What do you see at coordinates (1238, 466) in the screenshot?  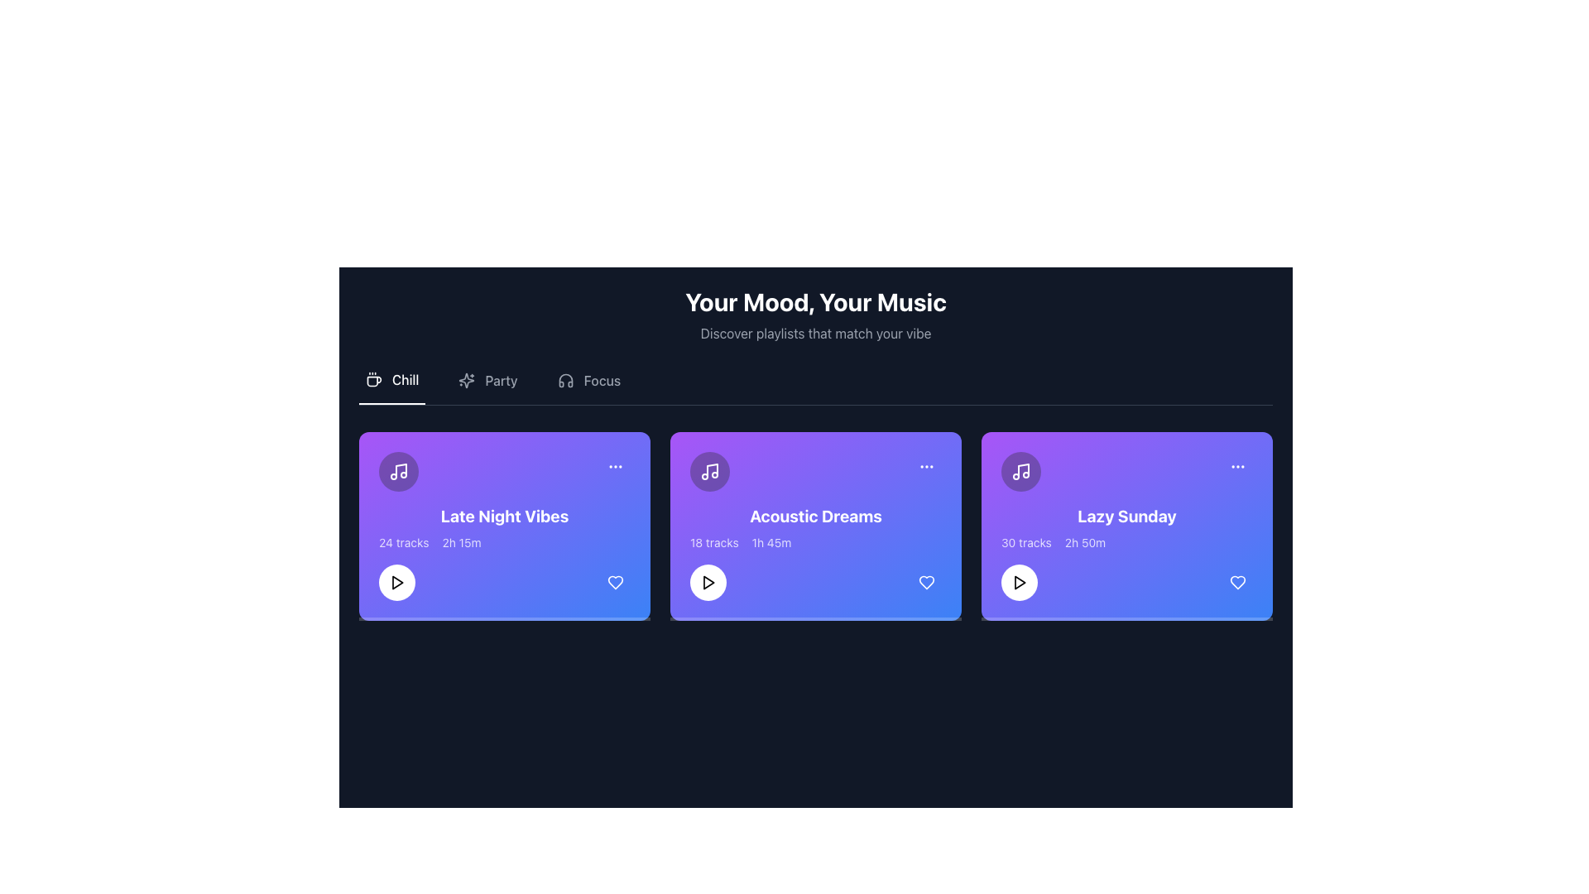 I see `the circular button with three horizontally arranged dots in the top-right corner of the 'Lazy Sunday' playlist card` at bounding box center [1238, 466].